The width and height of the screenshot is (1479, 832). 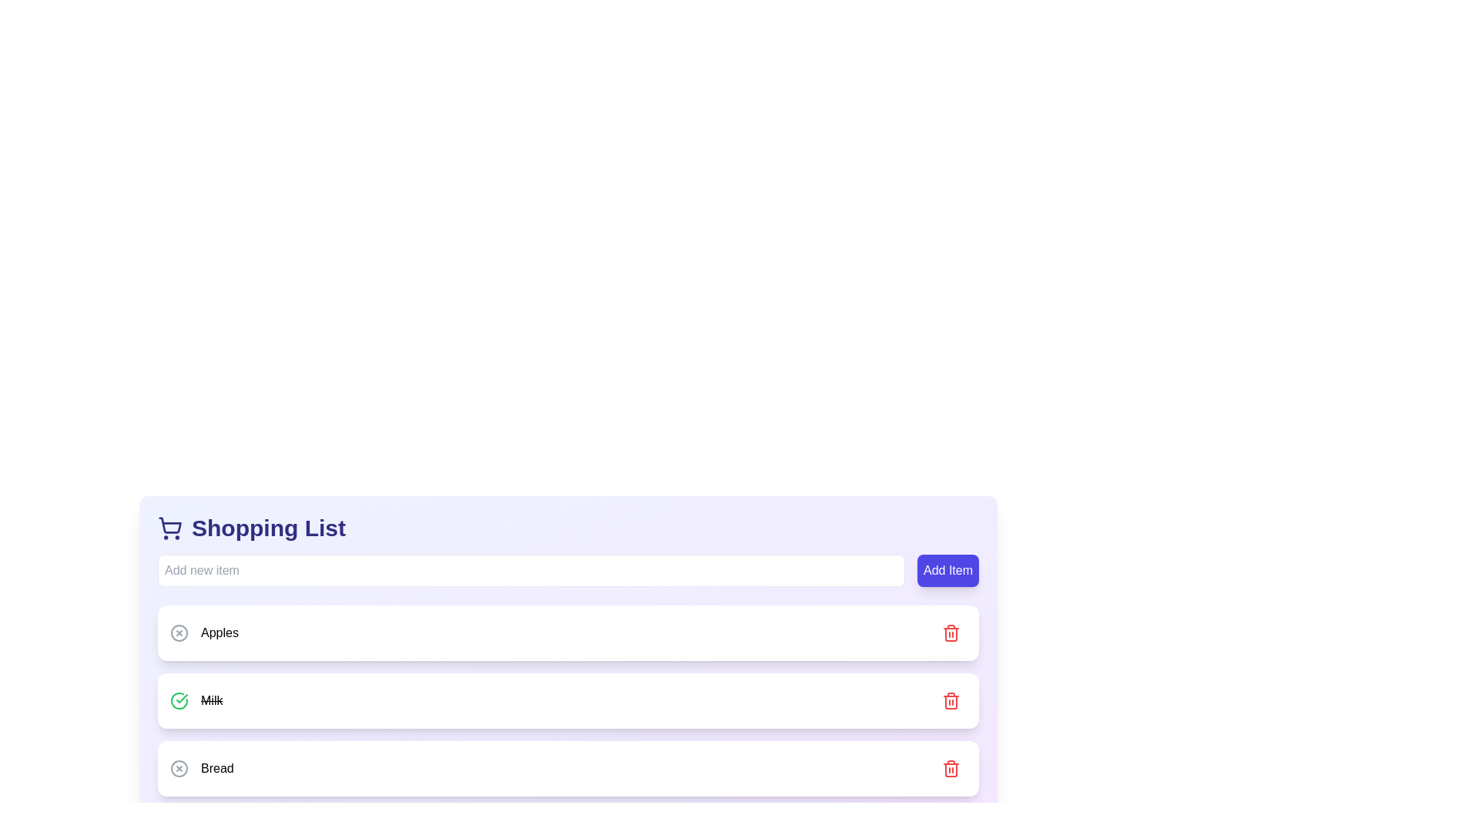 What do you see at coordinates (251, 528) in the screenshot?
I see `the Text label with the shopping cart icon that serves as the title of the shopping list section` at bounding box center [251, 528].